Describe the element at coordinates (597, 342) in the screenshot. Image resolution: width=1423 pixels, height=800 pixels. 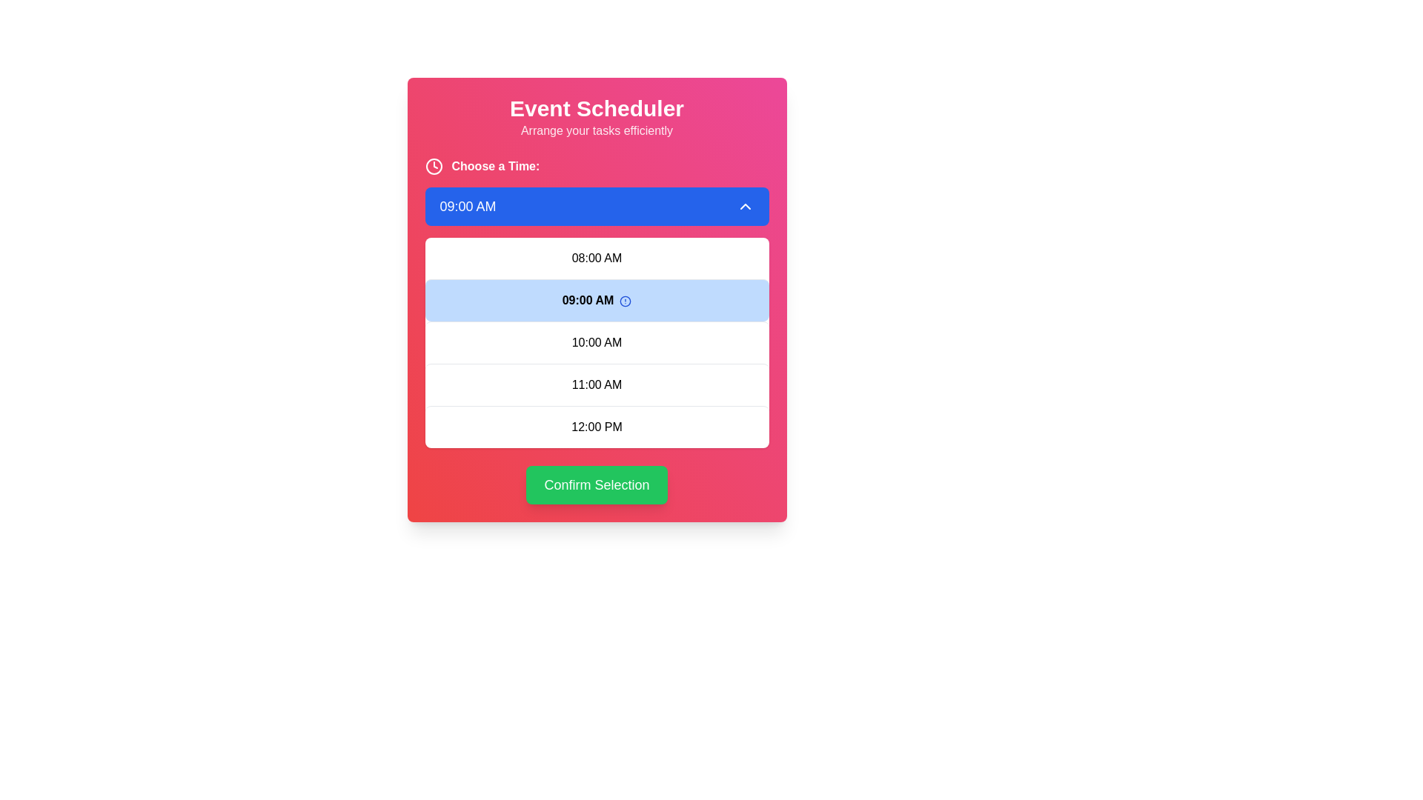
I see `the text item displaying '10:00 AM' in the vertically stacked list of time slots` at that location.